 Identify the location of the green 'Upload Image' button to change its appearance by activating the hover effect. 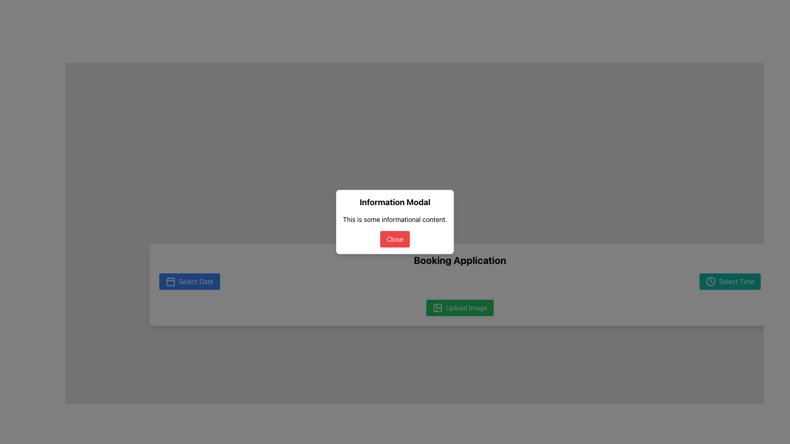
(460, 308).